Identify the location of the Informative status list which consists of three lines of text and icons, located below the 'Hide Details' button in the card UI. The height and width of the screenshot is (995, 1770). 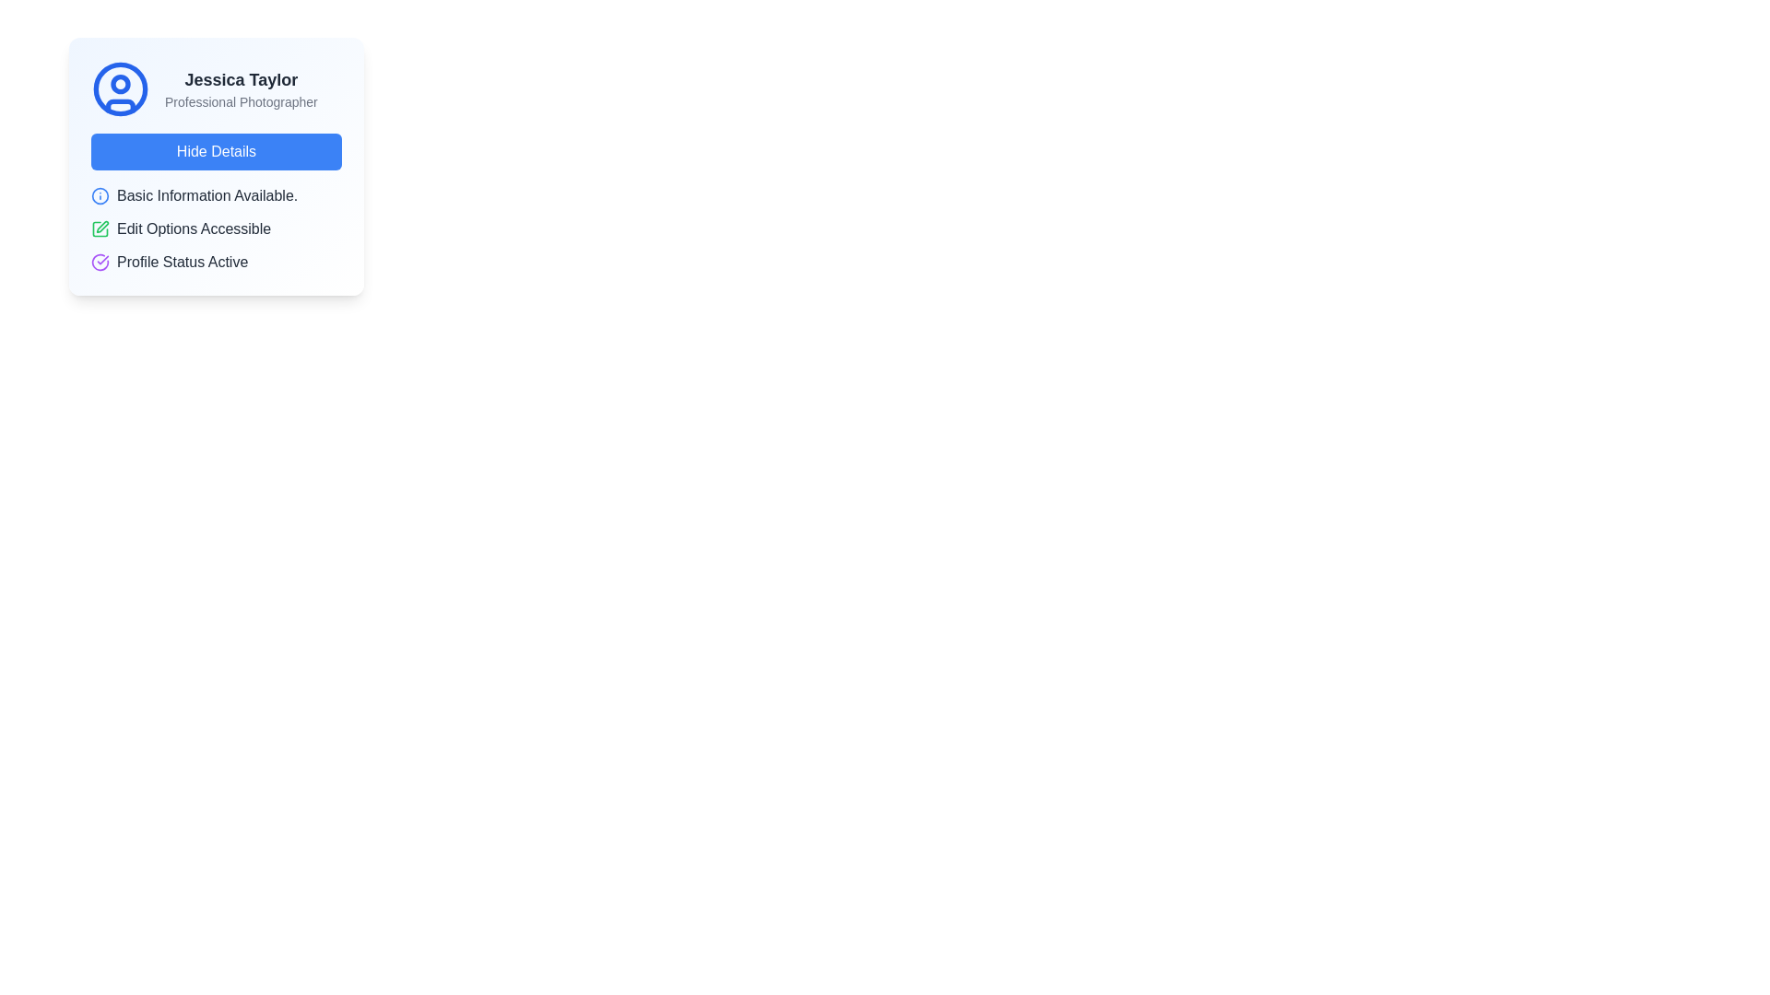
(217, 228).